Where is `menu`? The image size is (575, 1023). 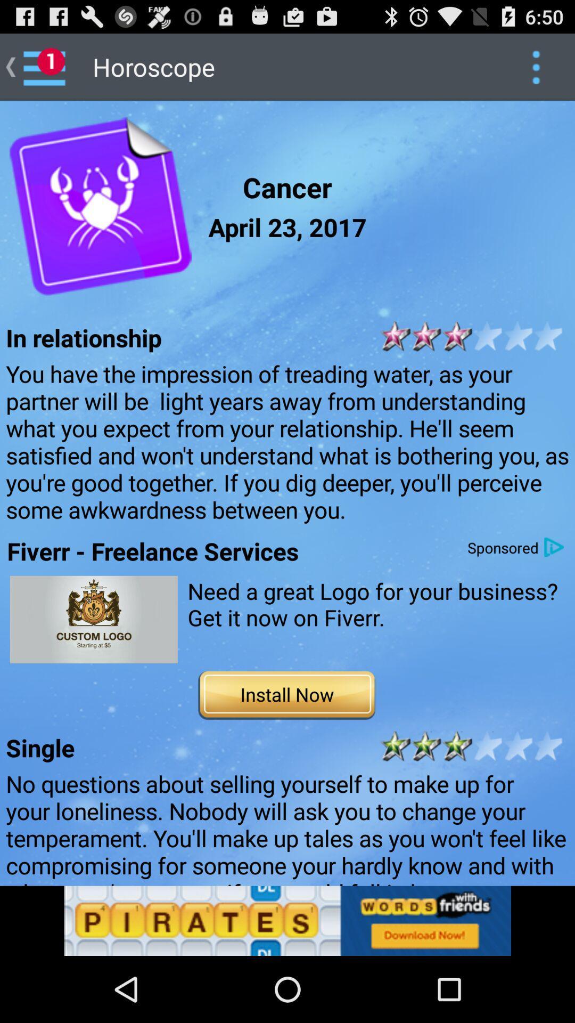
menu is located at coordinates (536, 66).